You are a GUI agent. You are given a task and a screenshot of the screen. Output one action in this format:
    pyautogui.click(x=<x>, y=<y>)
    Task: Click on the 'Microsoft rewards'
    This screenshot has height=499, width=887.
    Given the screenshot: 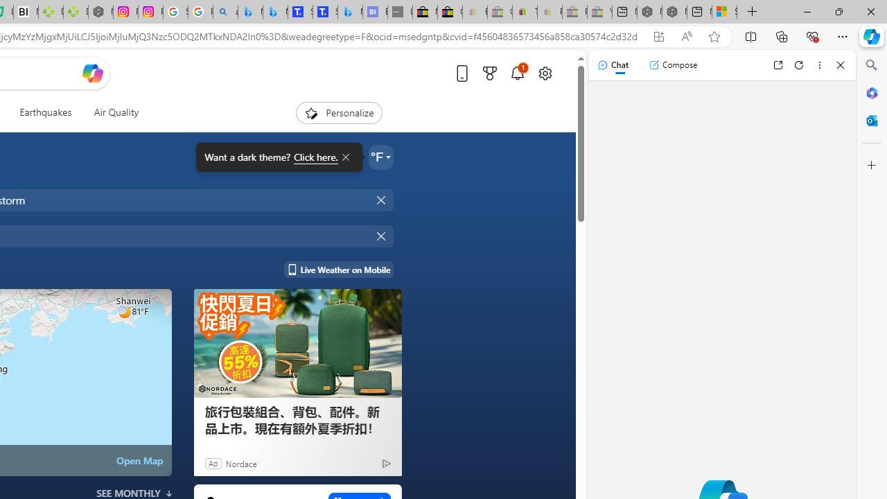 What is the action you would take?
    pyautogui.click(x=490, y=73)
    